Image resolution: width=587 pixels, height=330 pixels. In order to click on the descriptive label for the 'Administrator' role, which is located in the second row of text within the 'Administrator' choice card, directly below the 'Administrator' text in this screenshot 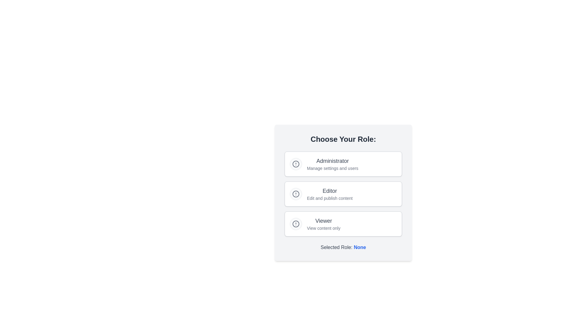, I will do `click(332, 168)`.